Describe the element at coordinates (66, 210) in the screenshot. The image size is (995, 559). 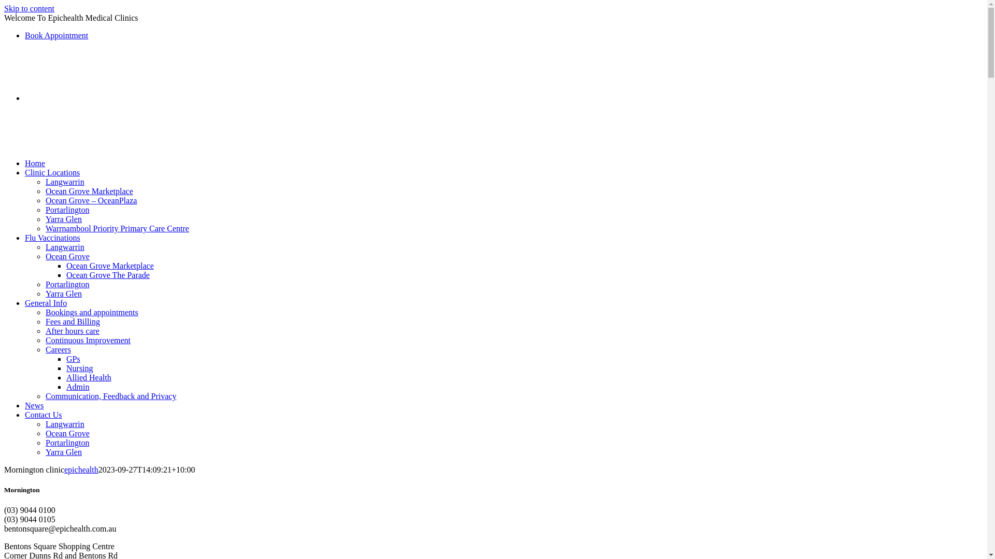
I see `'Portarlington'` at that location.